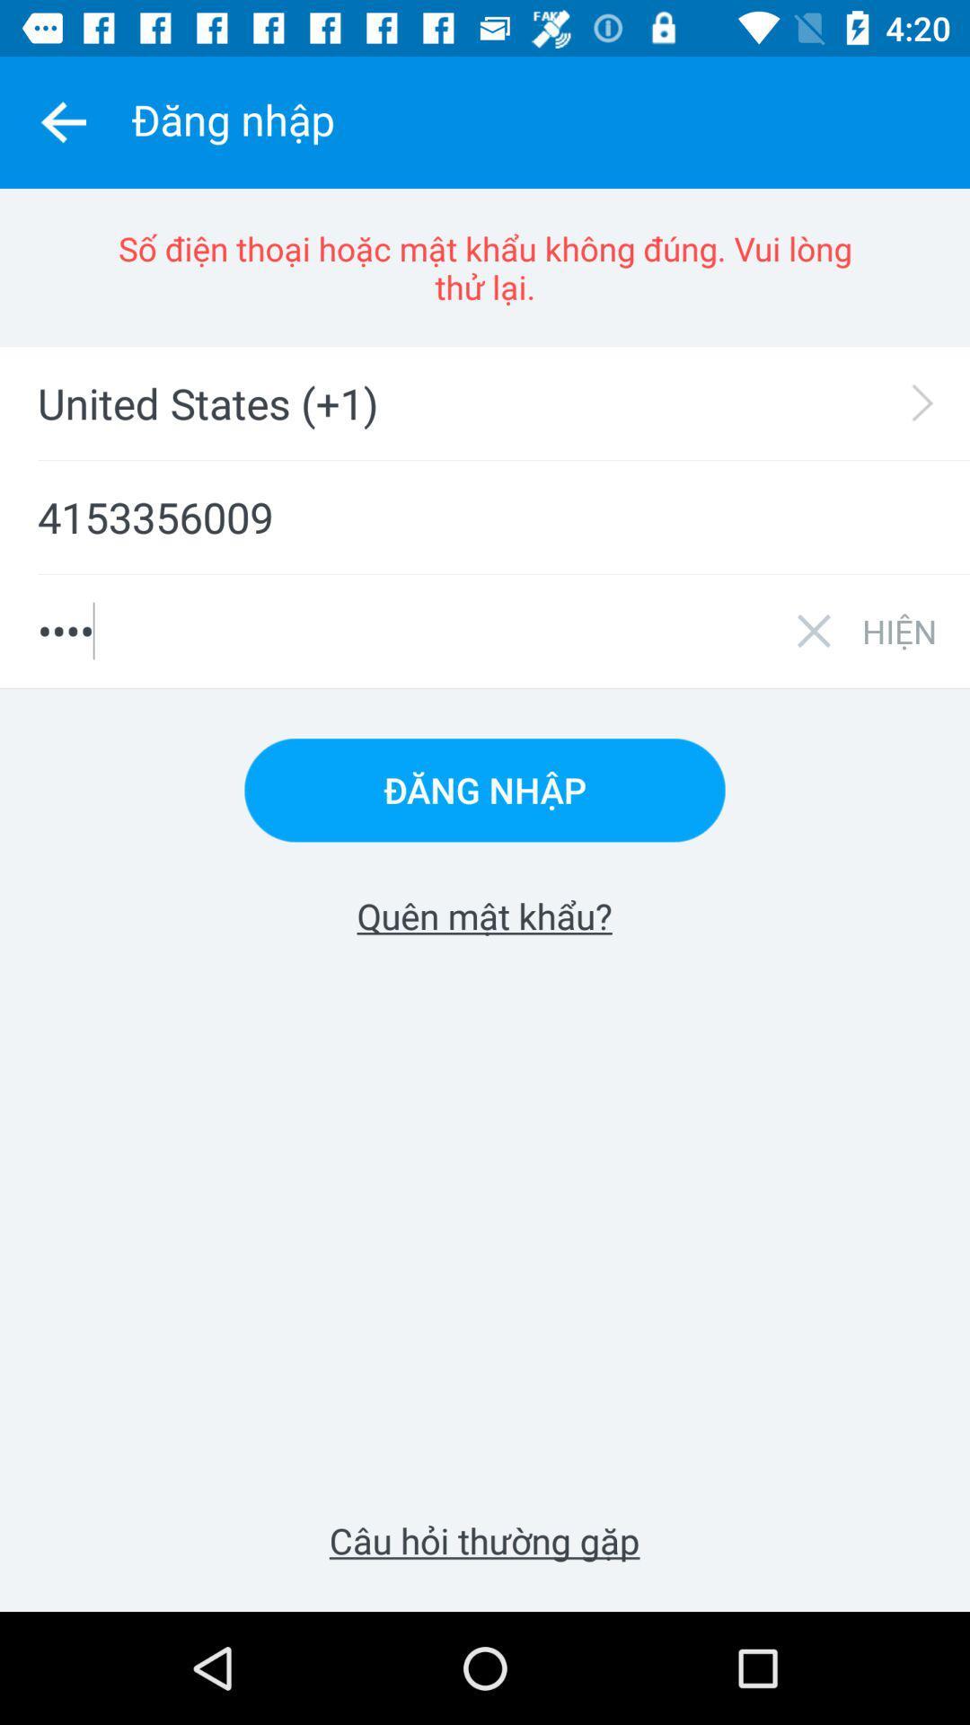 This screenshot has height=1725, width=970. What do you see at coordinates (485, 517) in the screenshot?
I see `item below the united states (+1)` at bounding box center [485, 517].